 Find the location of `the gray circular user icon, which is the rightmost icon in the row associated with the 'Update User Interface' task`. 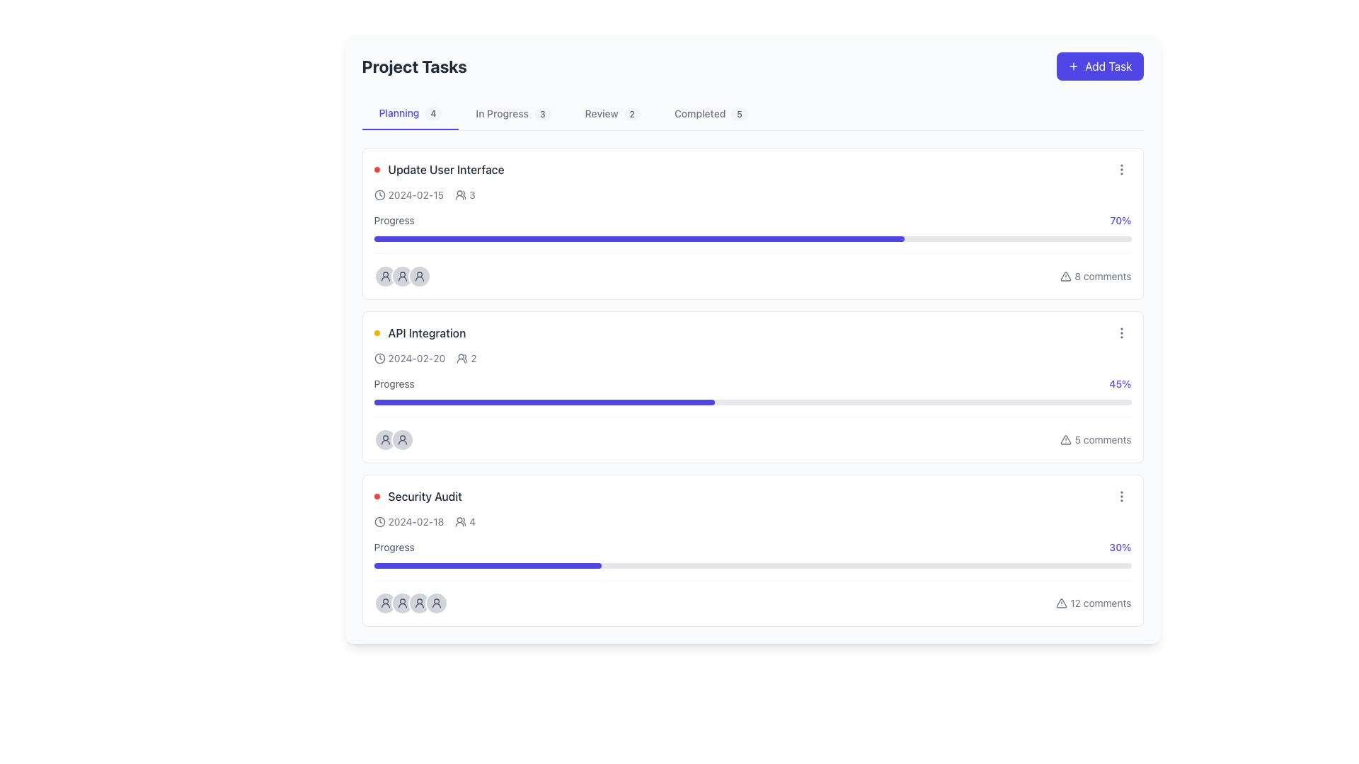

the gray circular user icon, which is the rightmost icon in the row associated with the 'Update User Interface' task is located at coordinates (418, 276).